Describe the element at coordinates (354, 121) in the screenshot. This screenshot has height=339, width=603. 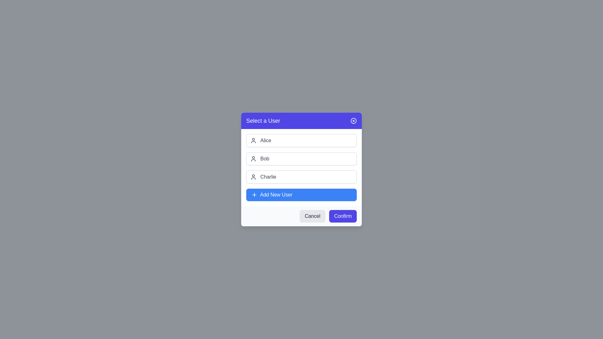
I see `the circular button with a cross ('X') icon in the upper-right corner of the 'Select a User' modal` at that location.